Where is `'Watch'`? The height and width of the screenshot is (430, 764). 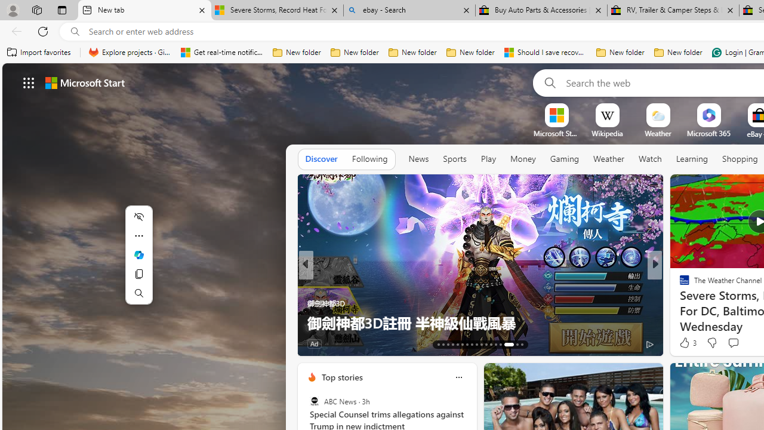 'Watch' is located at coordinates (649, 159).